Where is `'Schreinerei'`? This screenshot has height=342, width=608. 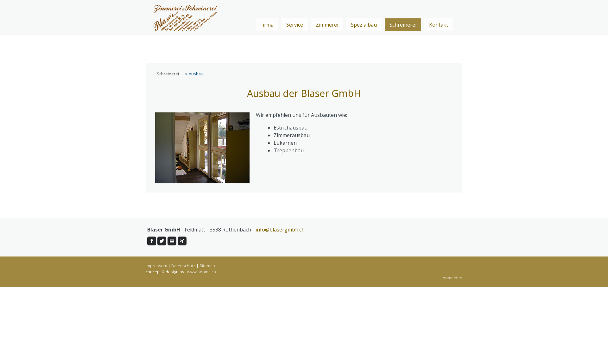
'Schreinerei' is located at coordinates (402, 24).